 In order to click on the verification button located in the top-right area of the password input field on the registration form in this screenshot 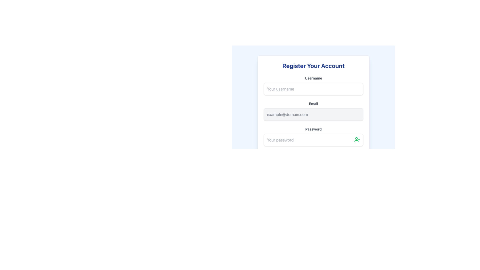, I will do `click(357, 140)`.